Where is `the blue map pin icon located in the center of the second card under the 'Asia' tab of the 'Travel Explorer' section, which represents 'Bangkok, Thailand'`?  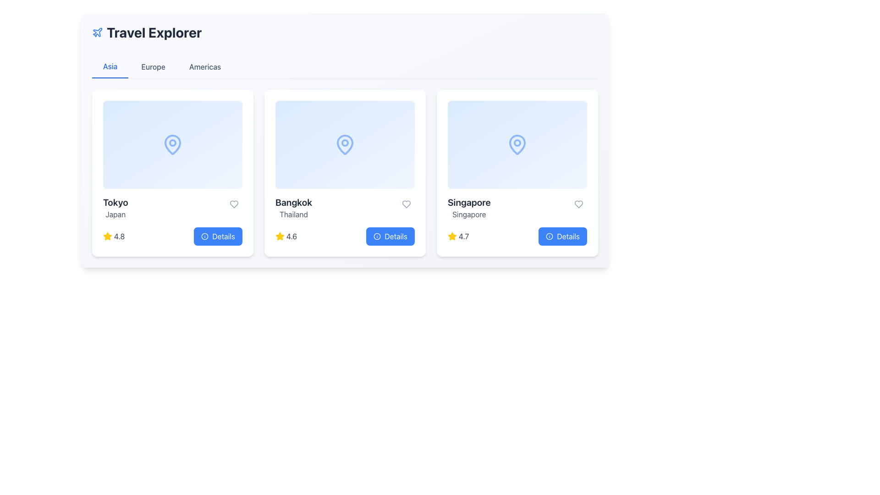 the blue map pin icon located in the center of the second card under the 'Asia' tab of the 'Travel Explorer' section, which represents 'Bangkok, Thailand' is located at coordinates (345, 144).